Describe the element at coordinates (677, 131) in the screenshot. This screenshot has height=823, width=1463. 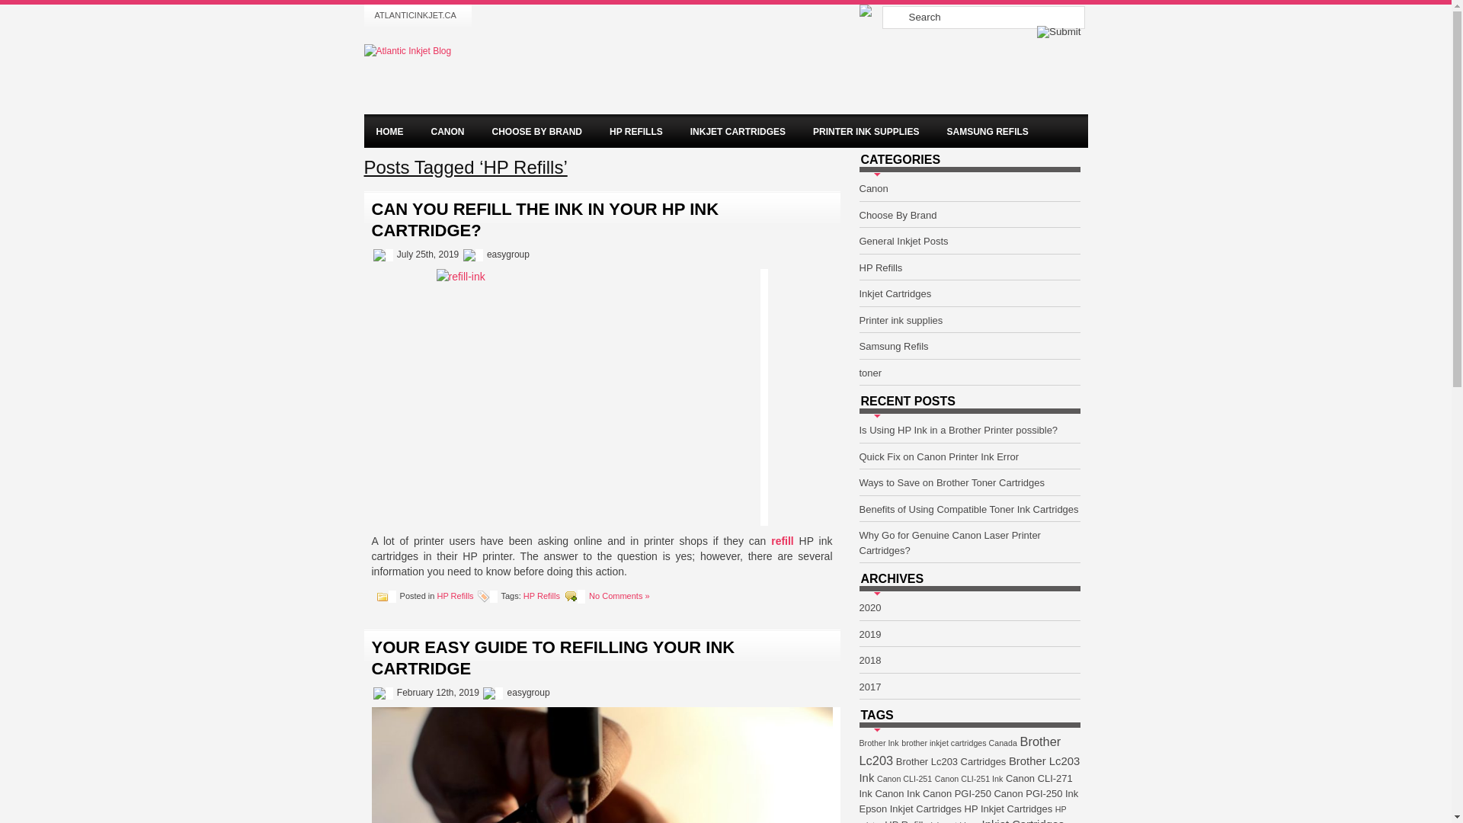
I see `'INKJET CARTRIDGES'` at that location.